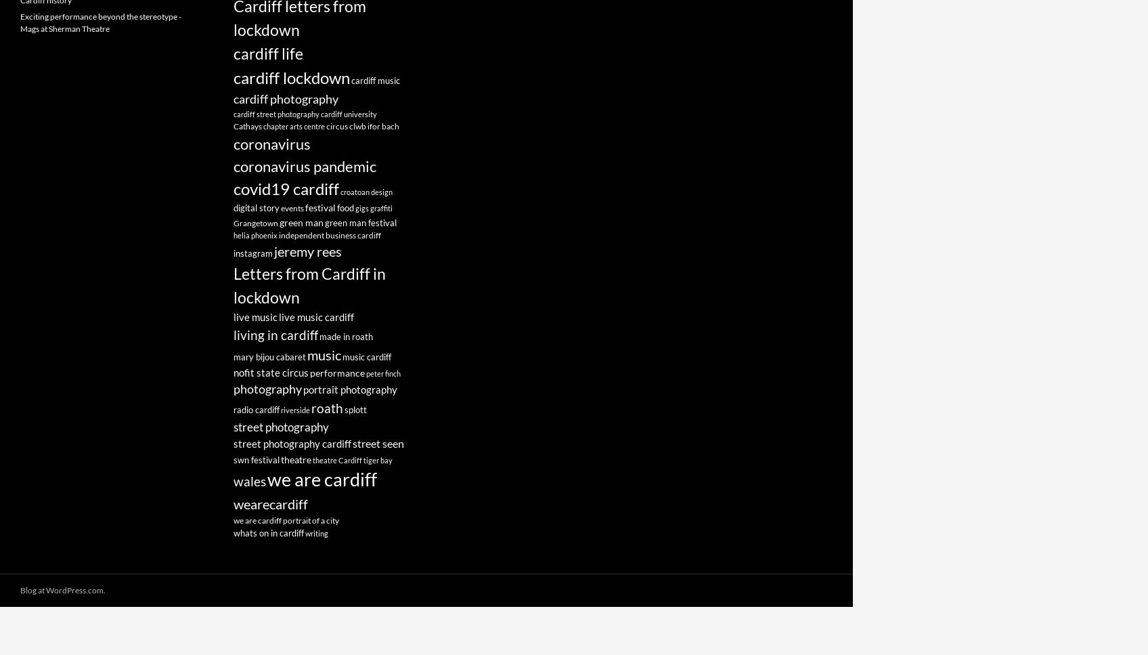  Describe the element at coordinates (369, 208) in the screenshot. I see `'graffiti'` at that location.